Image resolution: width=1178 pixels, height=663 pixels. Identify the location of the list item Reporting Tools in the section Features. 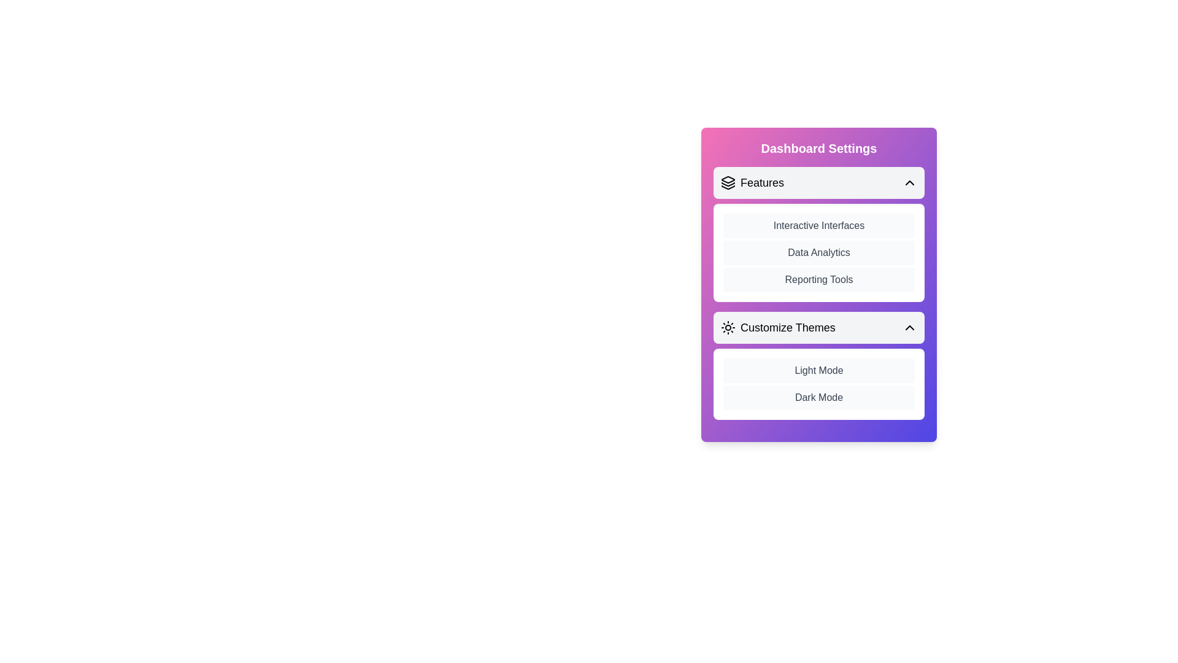
(818, 279).